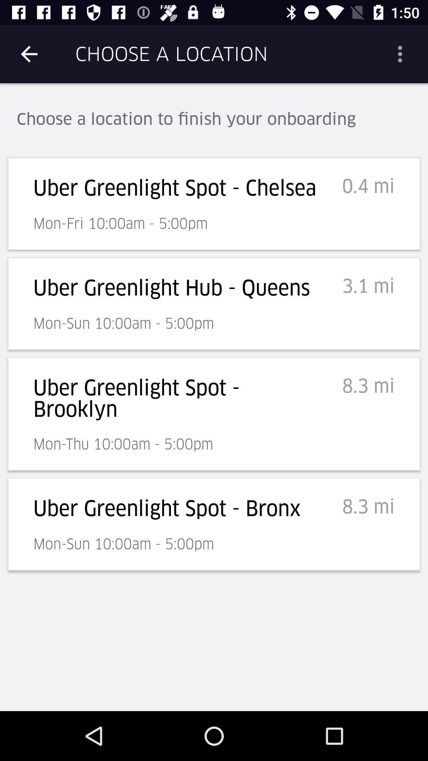  What do you see at coordinates (403, 54) in the screenshot?
I see `icon above the choose a location` at bounding box center [403, 54].